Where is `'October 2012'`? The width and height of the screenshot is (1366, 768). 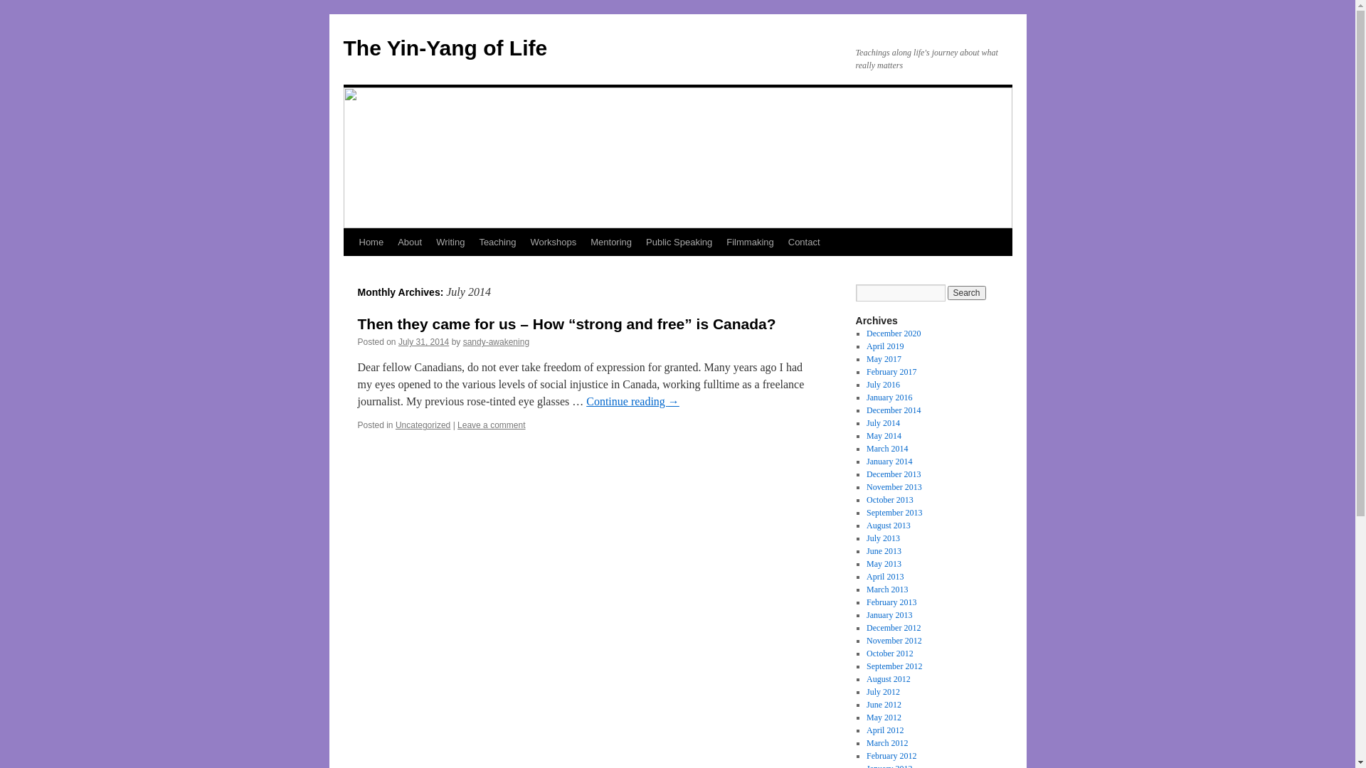 'October 2012' is located at coordinates (866, 653).